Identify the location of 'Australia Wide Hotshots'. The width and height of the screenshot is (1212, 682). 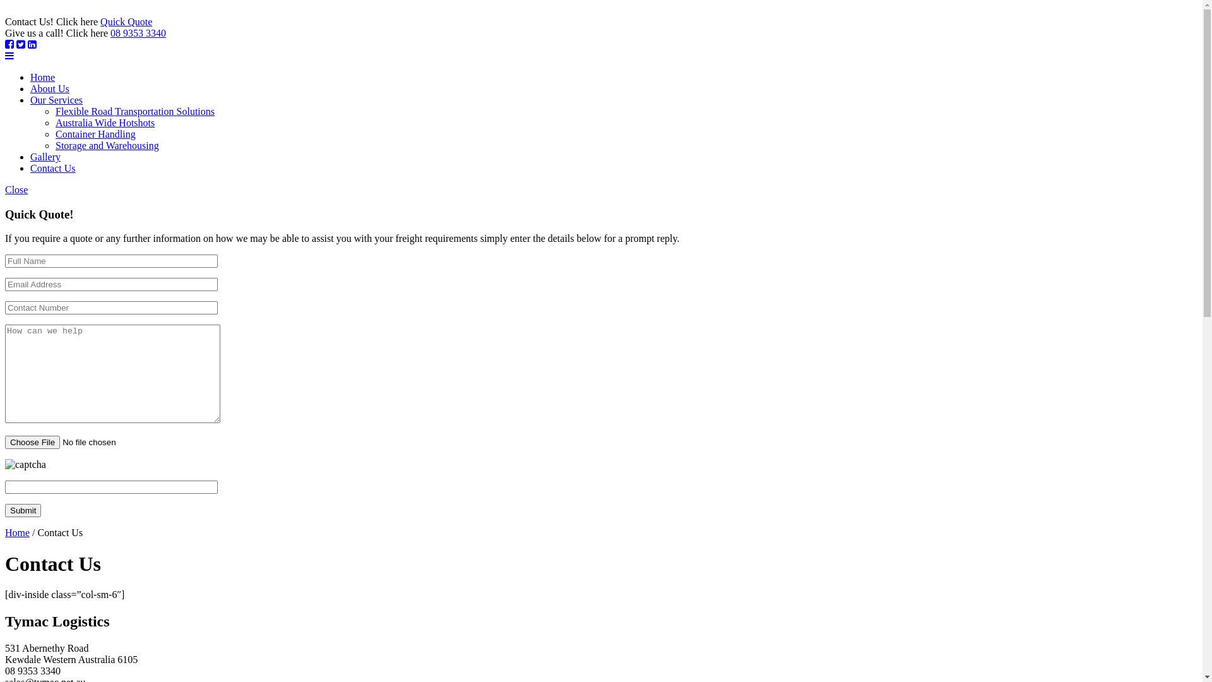
(105, 123).